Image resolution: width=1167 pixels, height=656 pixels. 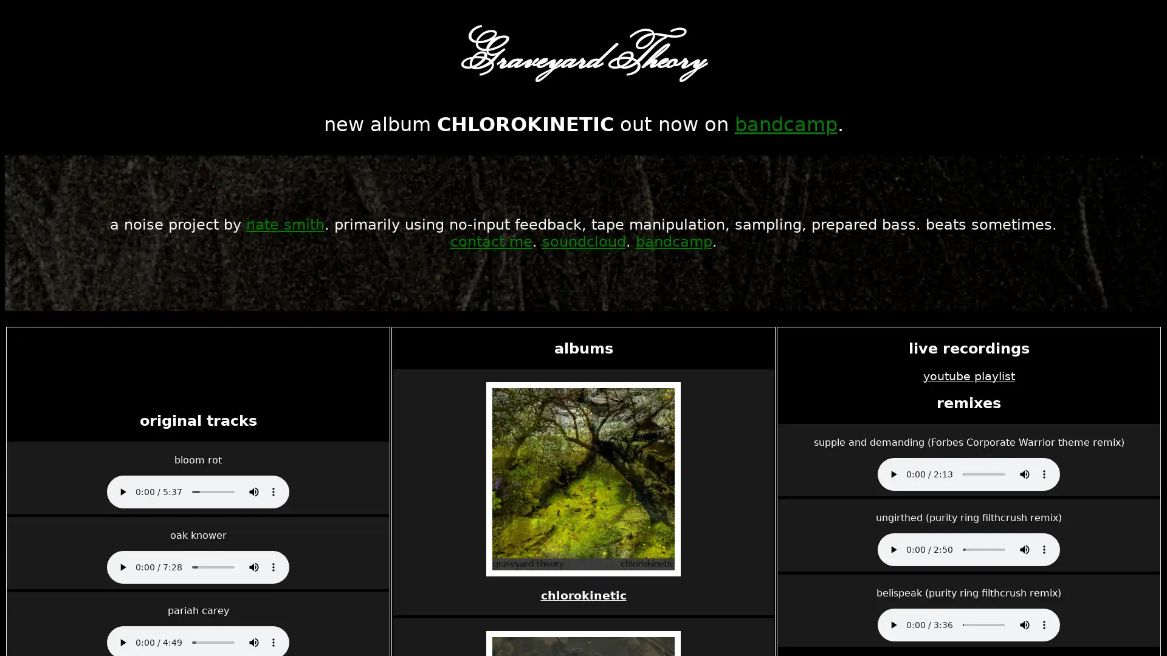 I want to click on show more media controls, so click(x=1044, y=625).